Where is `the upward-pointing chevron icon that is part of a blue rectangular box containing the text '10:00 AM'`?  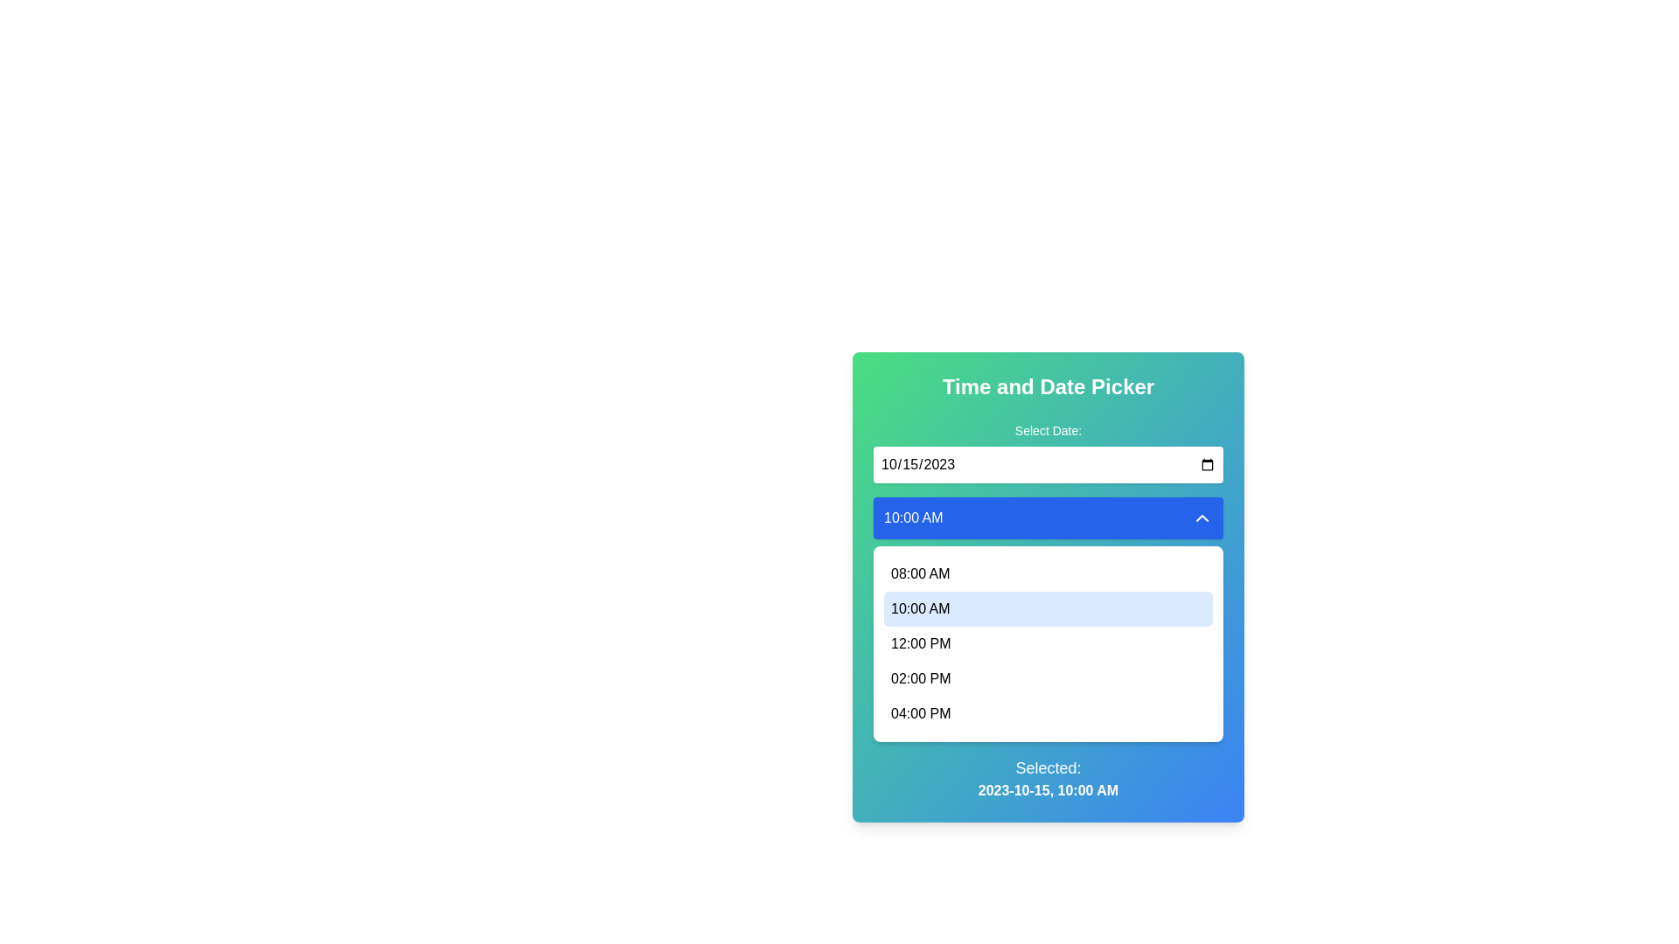 the upward-pointing chevron icon that is part of a blue rectangular box containing the text '10:00 AM' is located at coordinates (1201, 517).